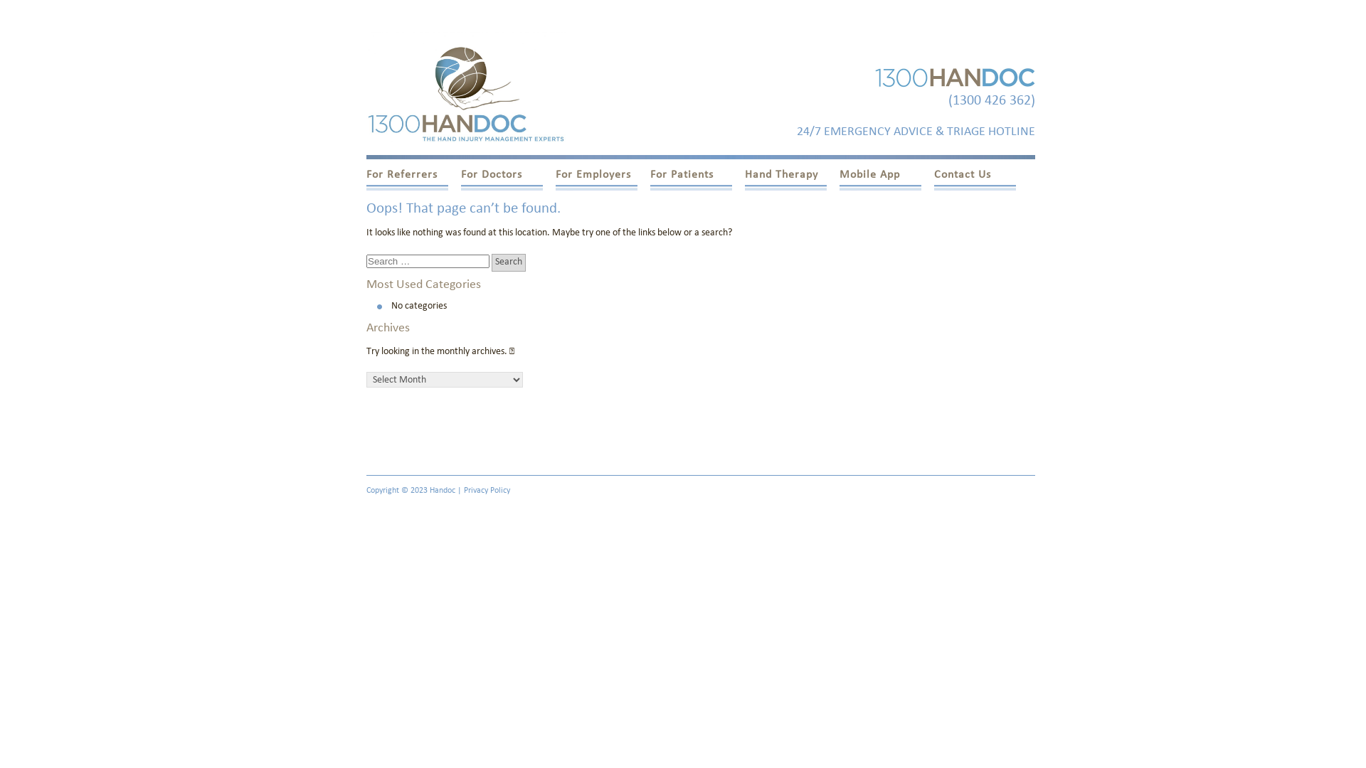 The width and height of the screenshot is (1366, 768). What do you see at coordinates (406, 179) in the screenshot?
I see `'For Referrers'` at bounding box center [406, 179].